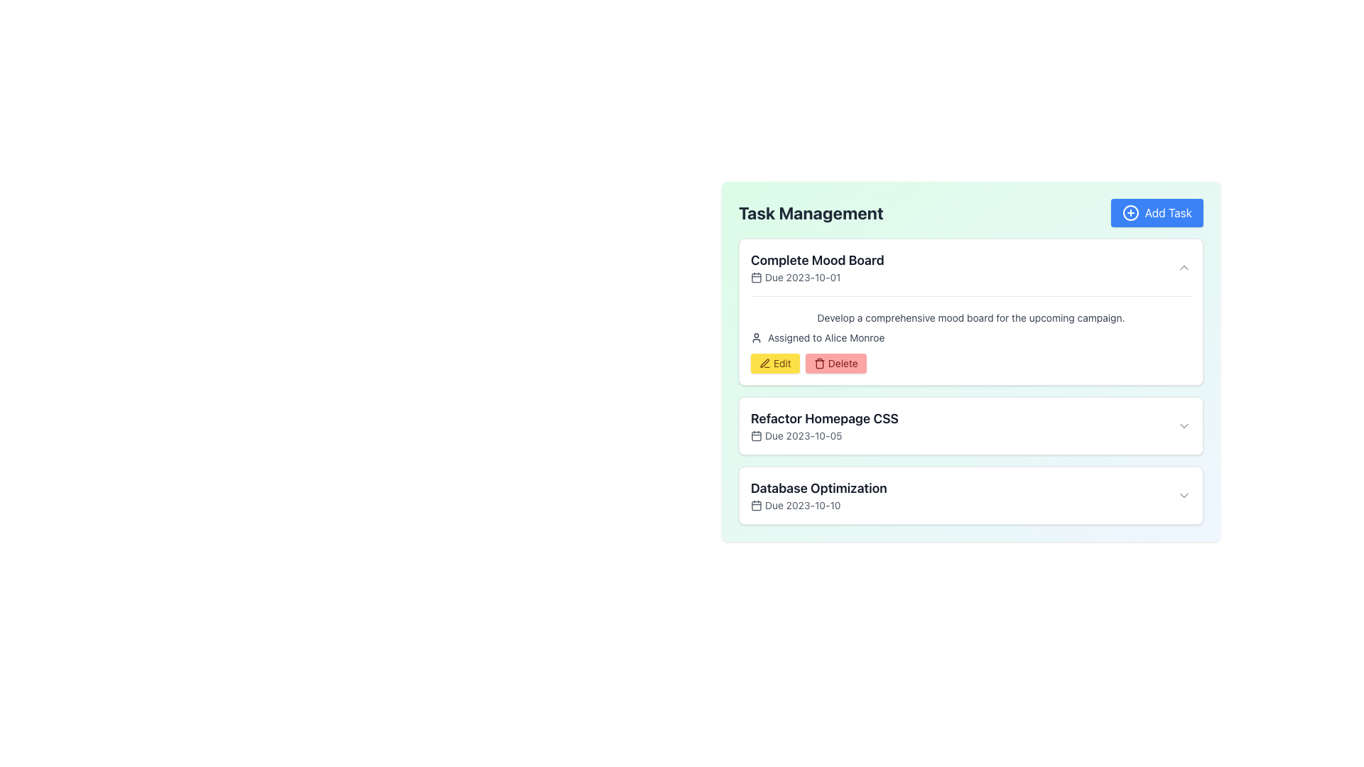 The height and width of the screenshot is (767, 1364). Describe the element at coordinates (818, 495) in the screenshot. I see `the 'Database Optimization' text label, which features a bold title and a smaller due date text, located as the third card in a vertical list` at that location.